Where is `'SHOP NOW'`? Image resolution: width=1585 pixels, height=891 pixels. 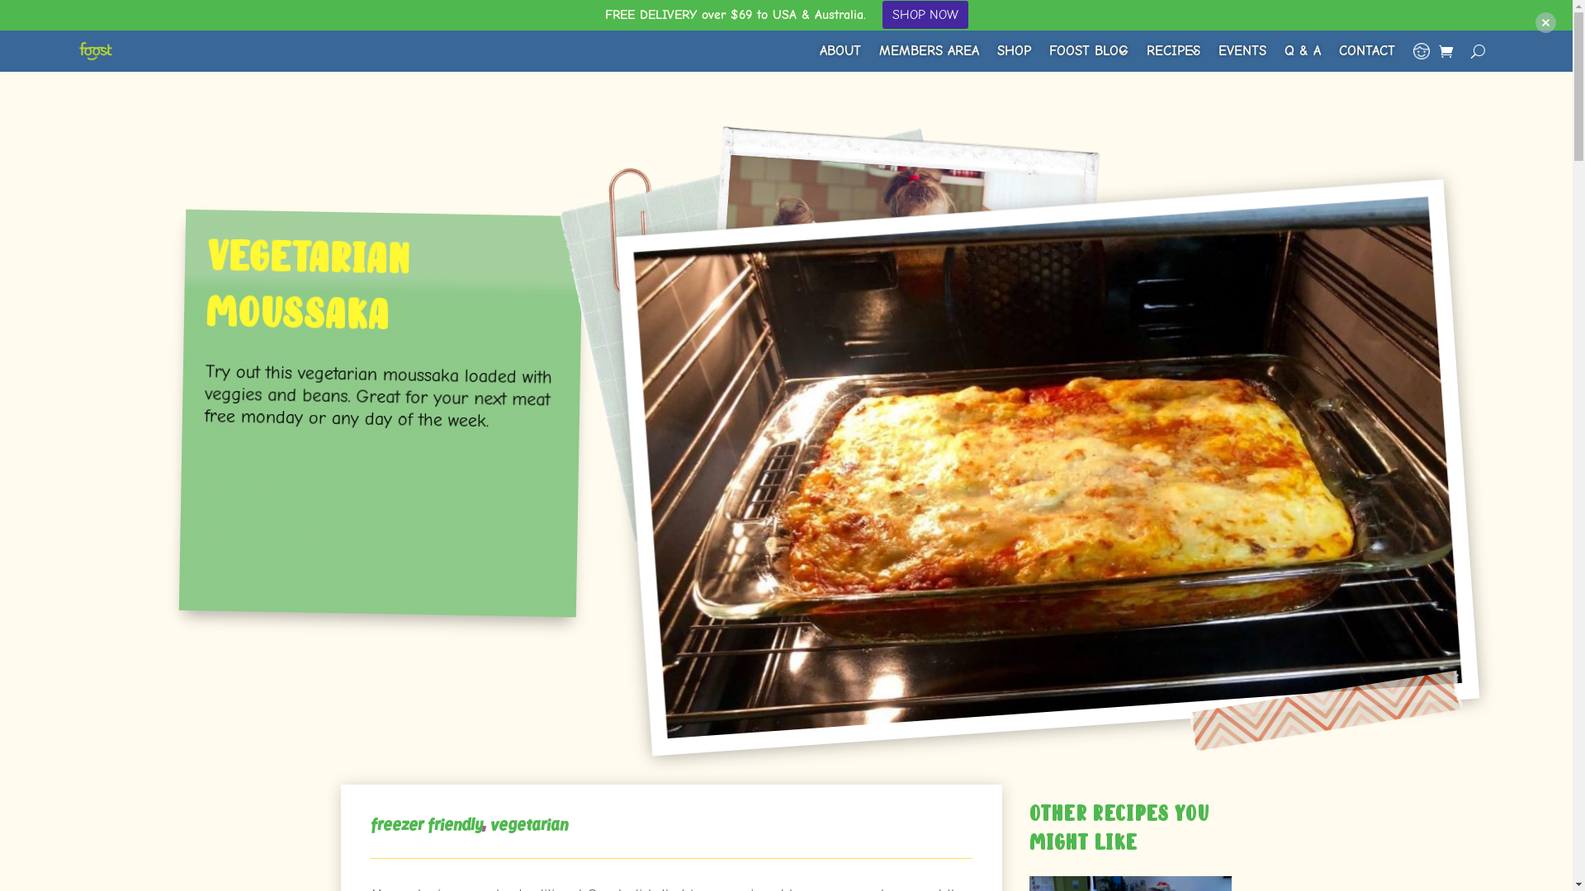
'SHOP NOW' is located at coordinates (923, 15).